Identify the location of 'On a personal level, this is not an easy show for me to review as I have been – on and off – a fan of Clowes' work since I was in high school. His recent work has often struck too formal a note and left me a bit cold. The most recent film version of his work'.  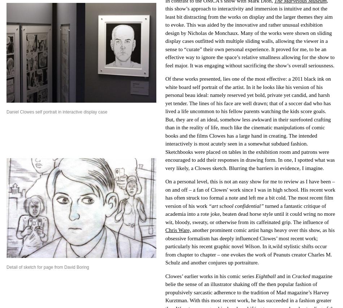
(250, 193).